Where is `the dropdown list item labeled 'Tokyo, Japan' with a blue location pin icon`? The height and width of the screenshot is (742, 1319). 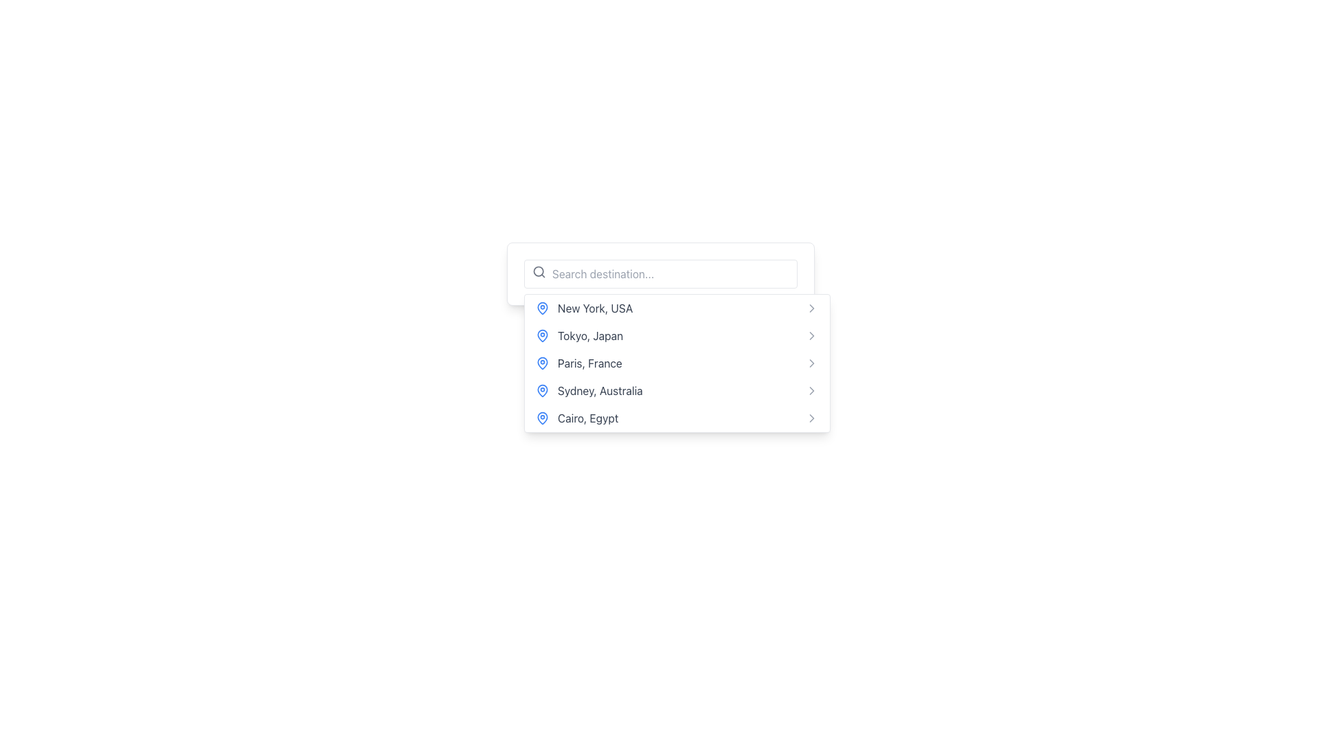 the dropdown list item labeled 'Tokyo, Japan' with a blue location pin icon is located at coordinates (579, 336).